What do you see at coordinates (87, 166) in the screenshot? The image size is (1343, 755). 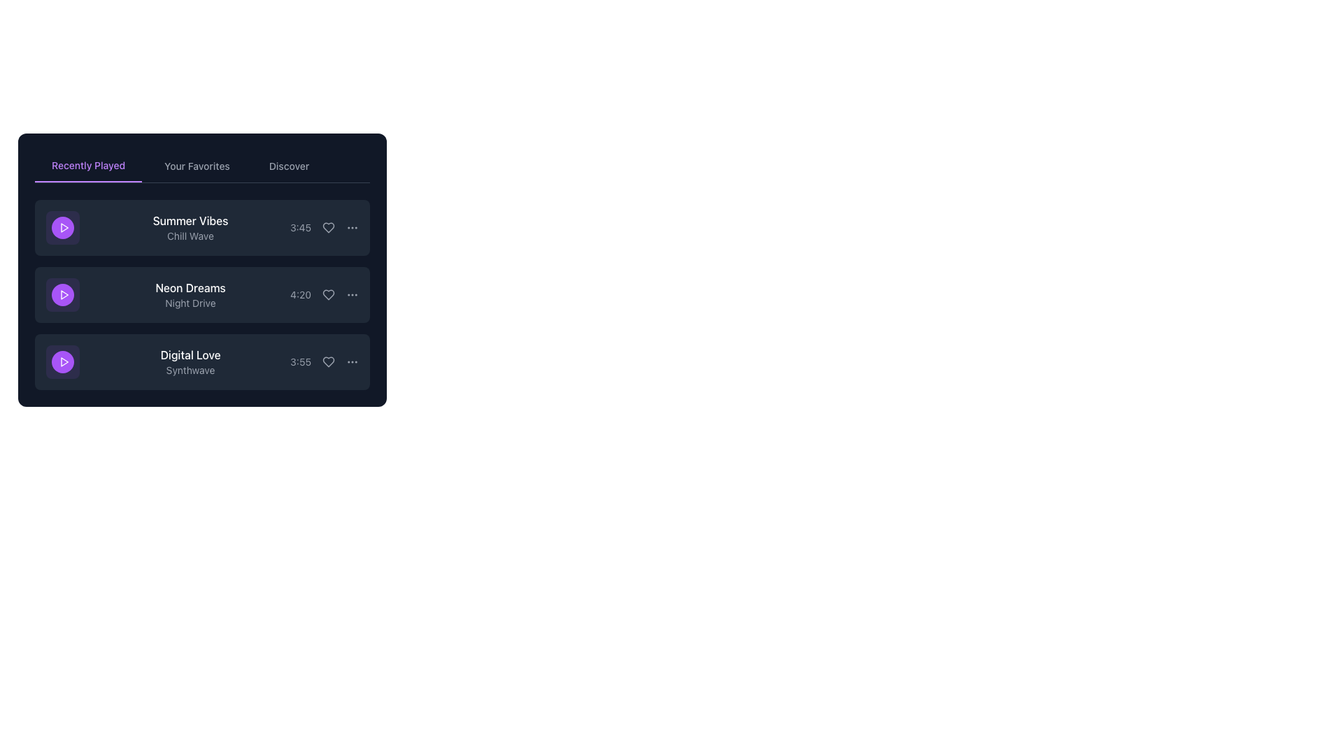 I see `the navigation button located at the top left of the navigation interface` at bounding box center [87, 166].